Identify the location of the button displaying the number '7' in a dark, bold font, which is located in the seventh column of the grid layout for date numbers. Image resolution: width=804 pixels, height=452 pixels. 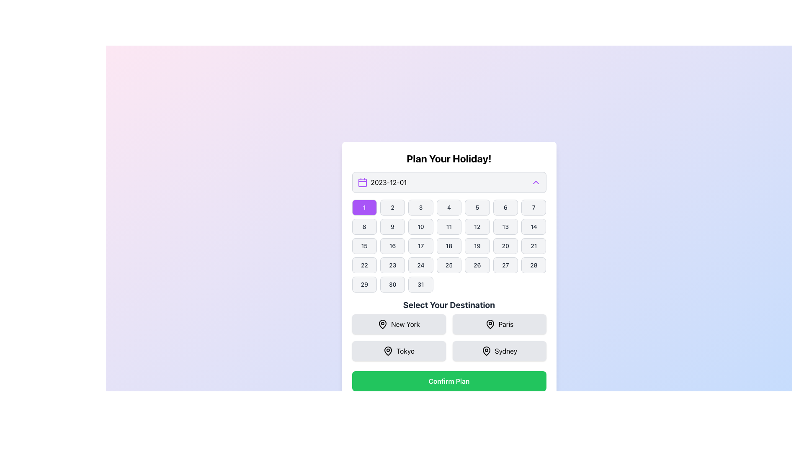
(533, 207).